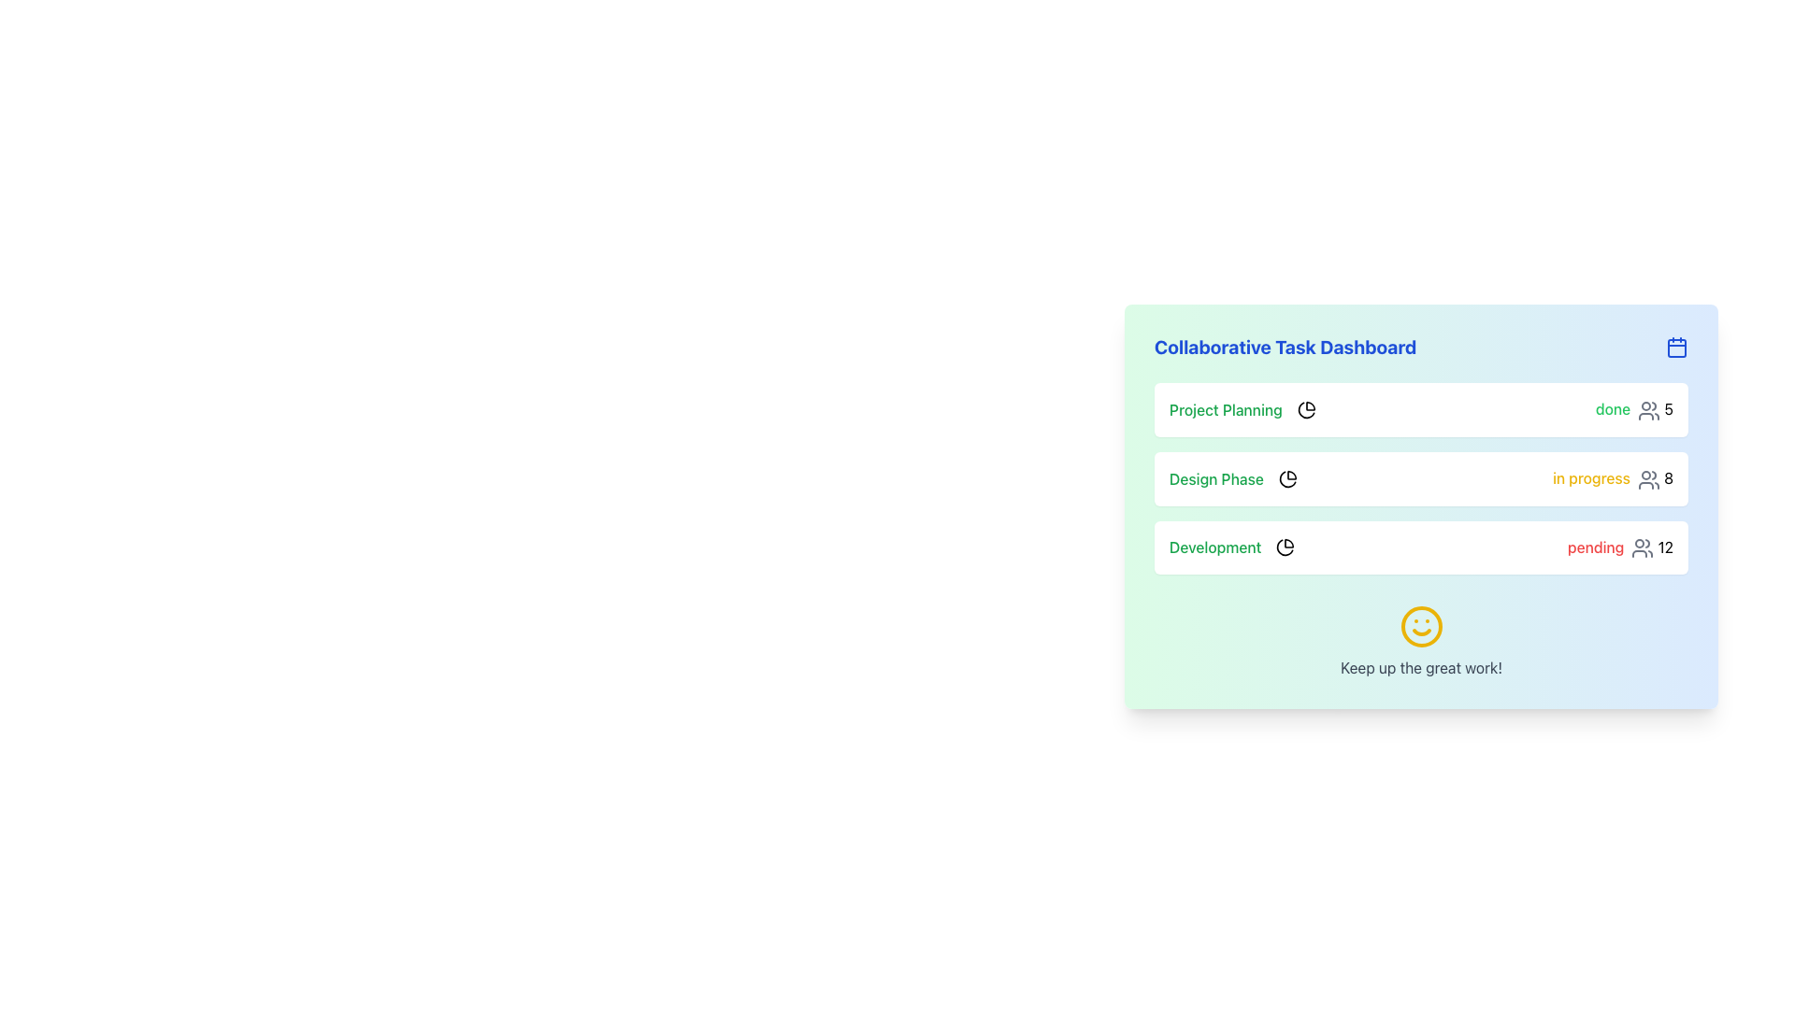 This screenshot has width=1795, height=1009. What do you see at coordinates (1285, 347) in the screenshot?
I see `the header displaying 'Collaborative Task Dashboard' in bold, blue font located at the top-left corner of the card-like component` at bounding box center [1285, 347].